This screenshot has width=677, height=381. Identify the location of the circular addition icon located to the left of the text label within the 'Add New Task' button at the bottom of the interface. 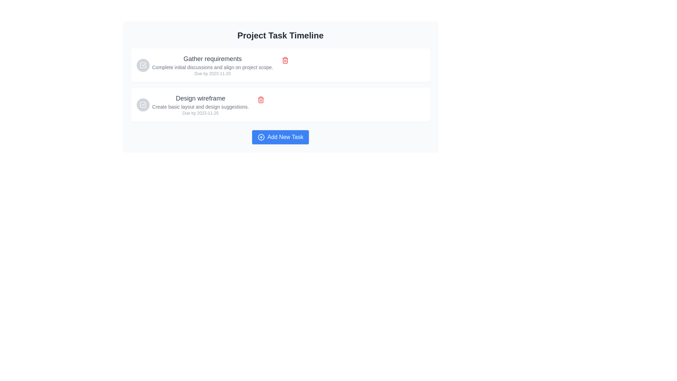
(261, 137).